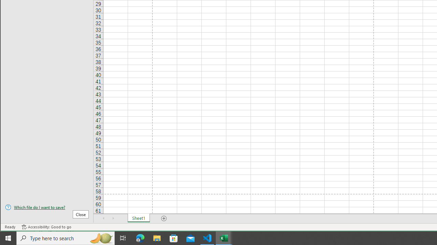 The height and width of the screenshot is (245, 437). Describe the element at coordinates (8, 238) in the screenshot. I see `'Start'` at that location.